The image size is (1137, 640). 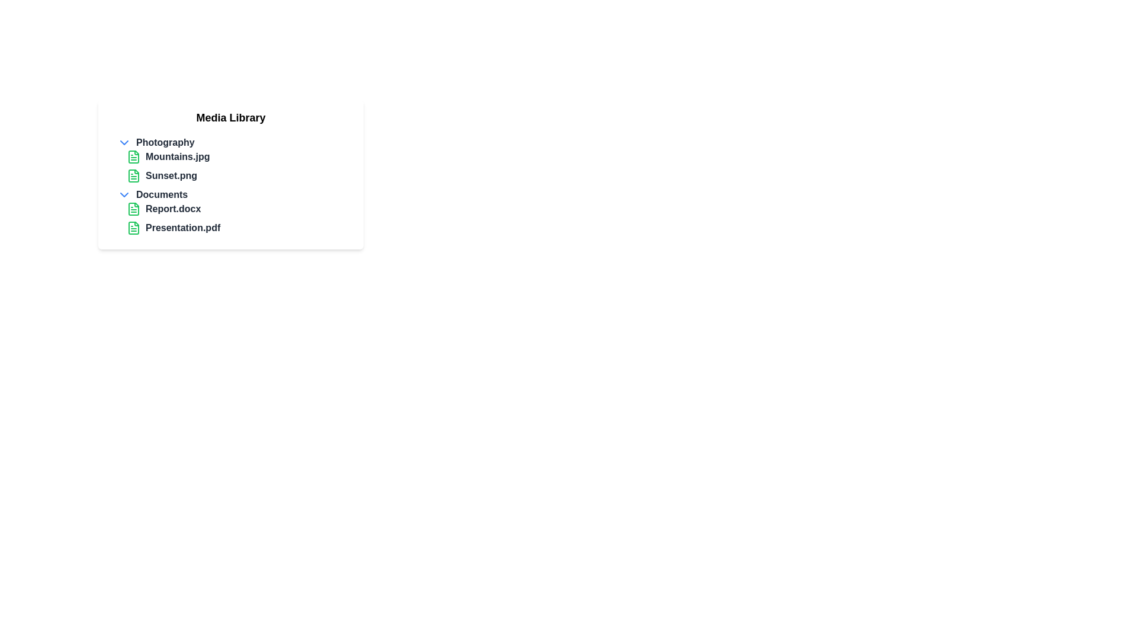 I want to click on the icon representing the file 'Sunset.png' located, so click(x=133, y=176).